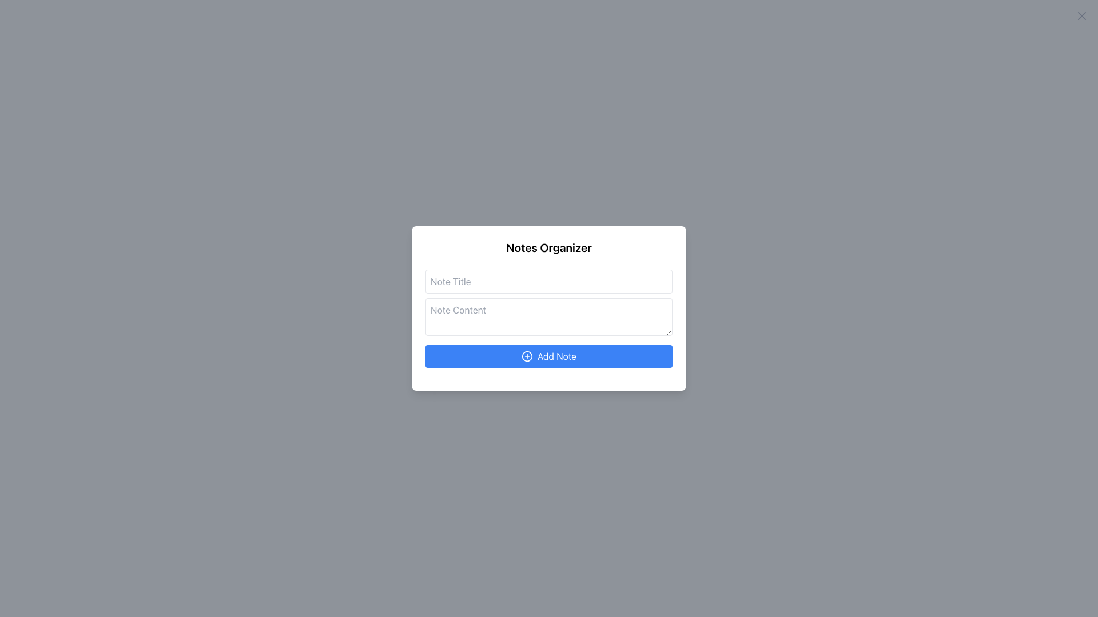 The width and height of the screenshot is (1098, 617). Describe the element at coordinates (549, 317) in the screenshot. I see `to highlight text in the multiline text input field located directly below the 'Note Title' input field` at that location.